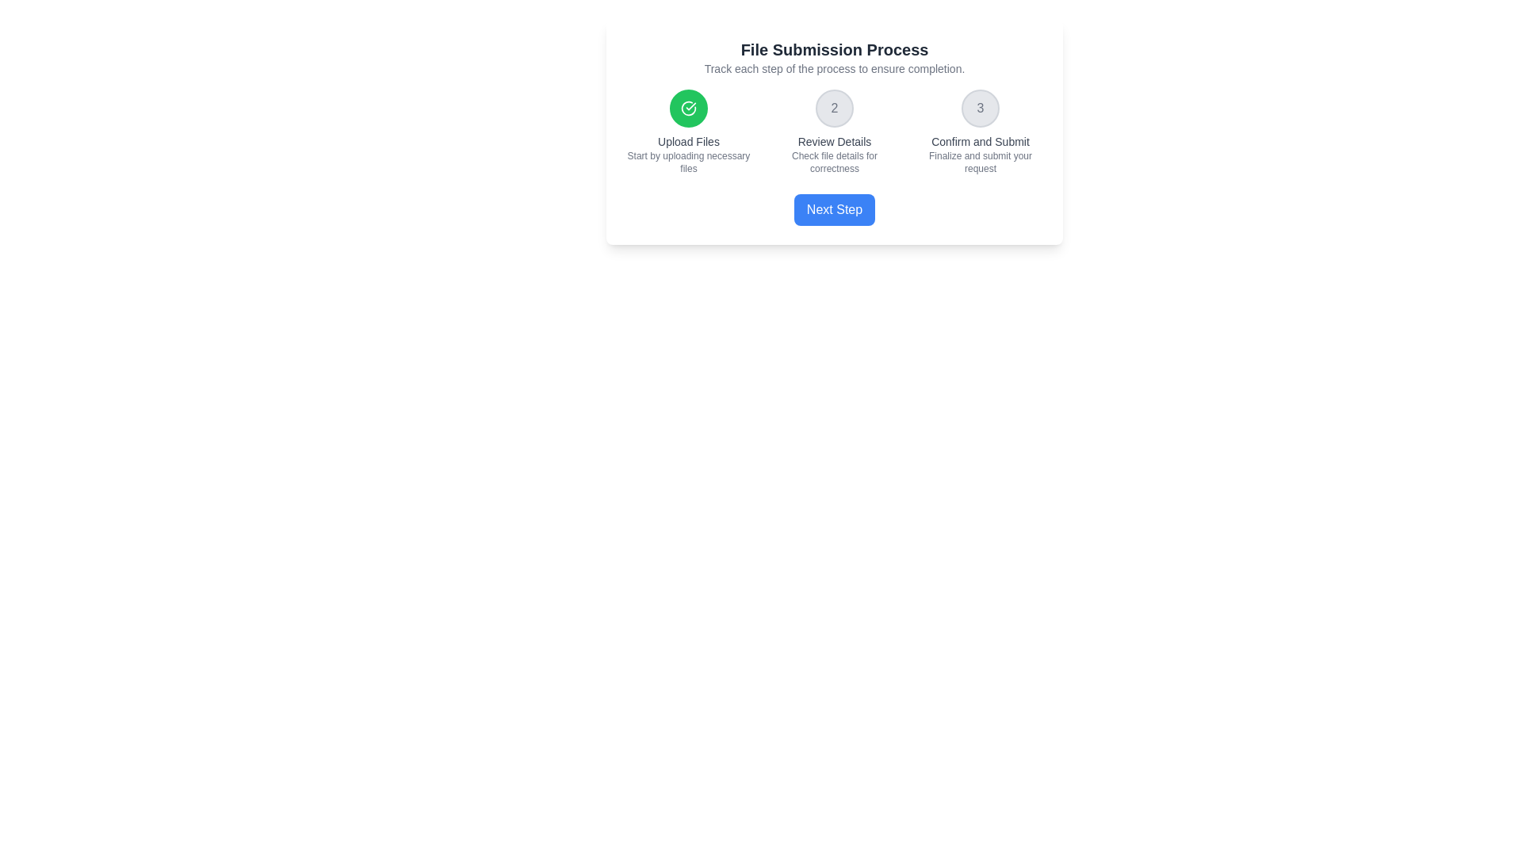 The width and height of the screenshot is (1522, 856). Describe the element at coordinates (688, 108) in the screenshot. I see `the green circular icon with a white checkmark inside, which represents the first step labeled 'Upload Files' in the 'File Submission Process' workflow` at that location.